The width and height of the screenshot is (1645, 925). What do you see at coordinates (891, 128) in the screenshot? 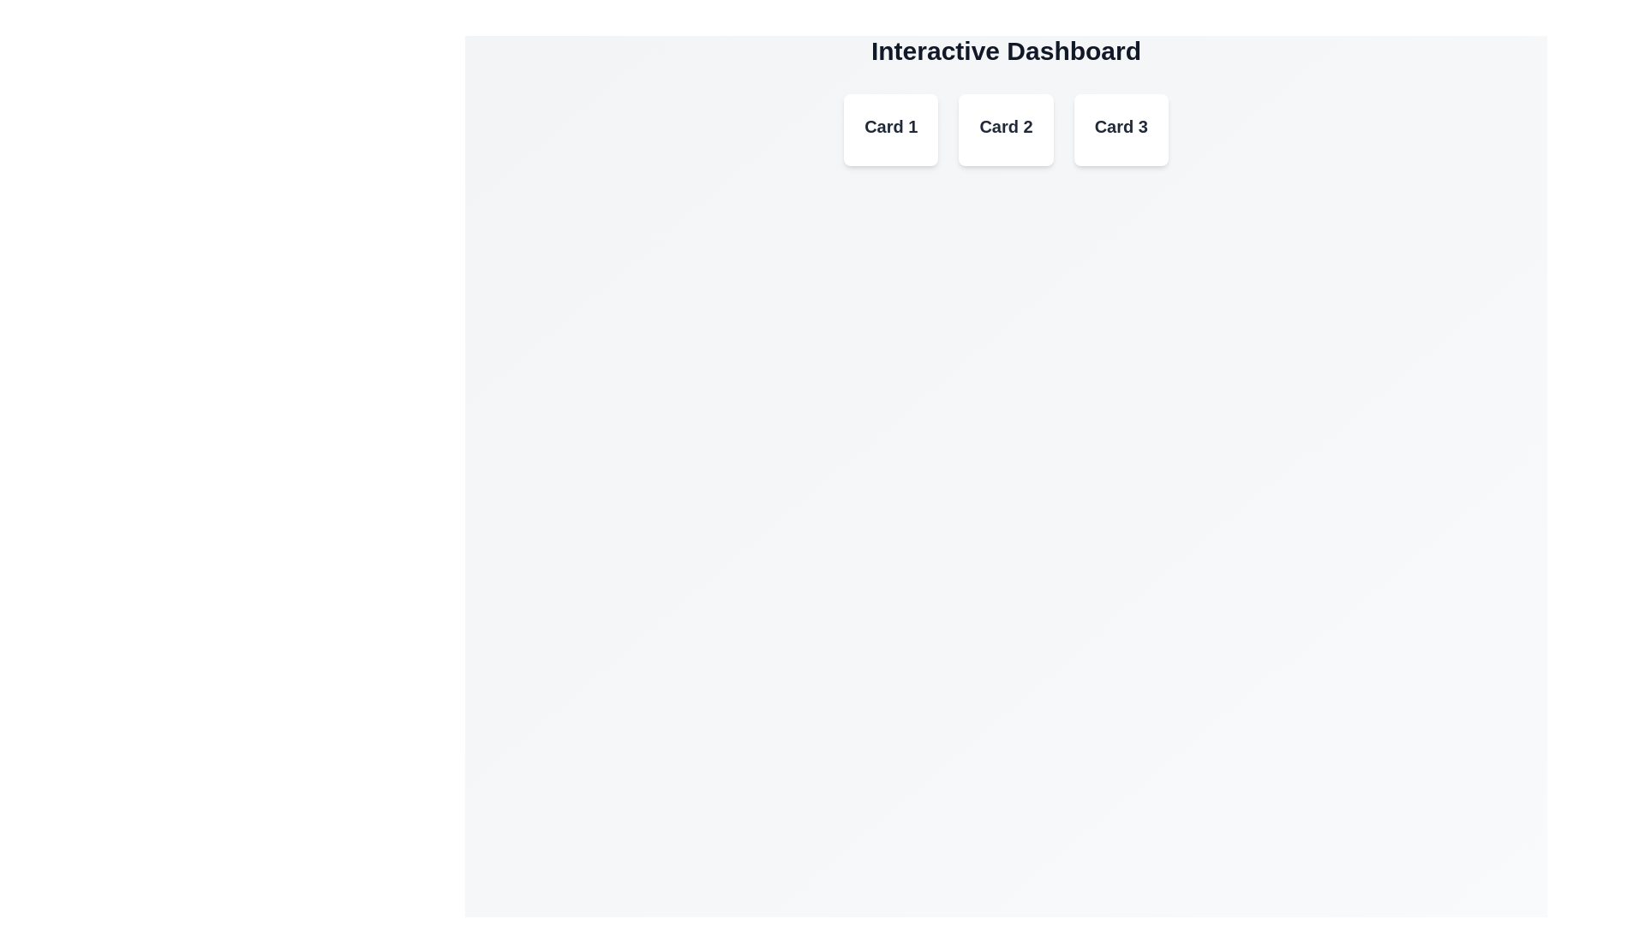
I see `the first card button in the dashboard` at bounding box center [891, 128].